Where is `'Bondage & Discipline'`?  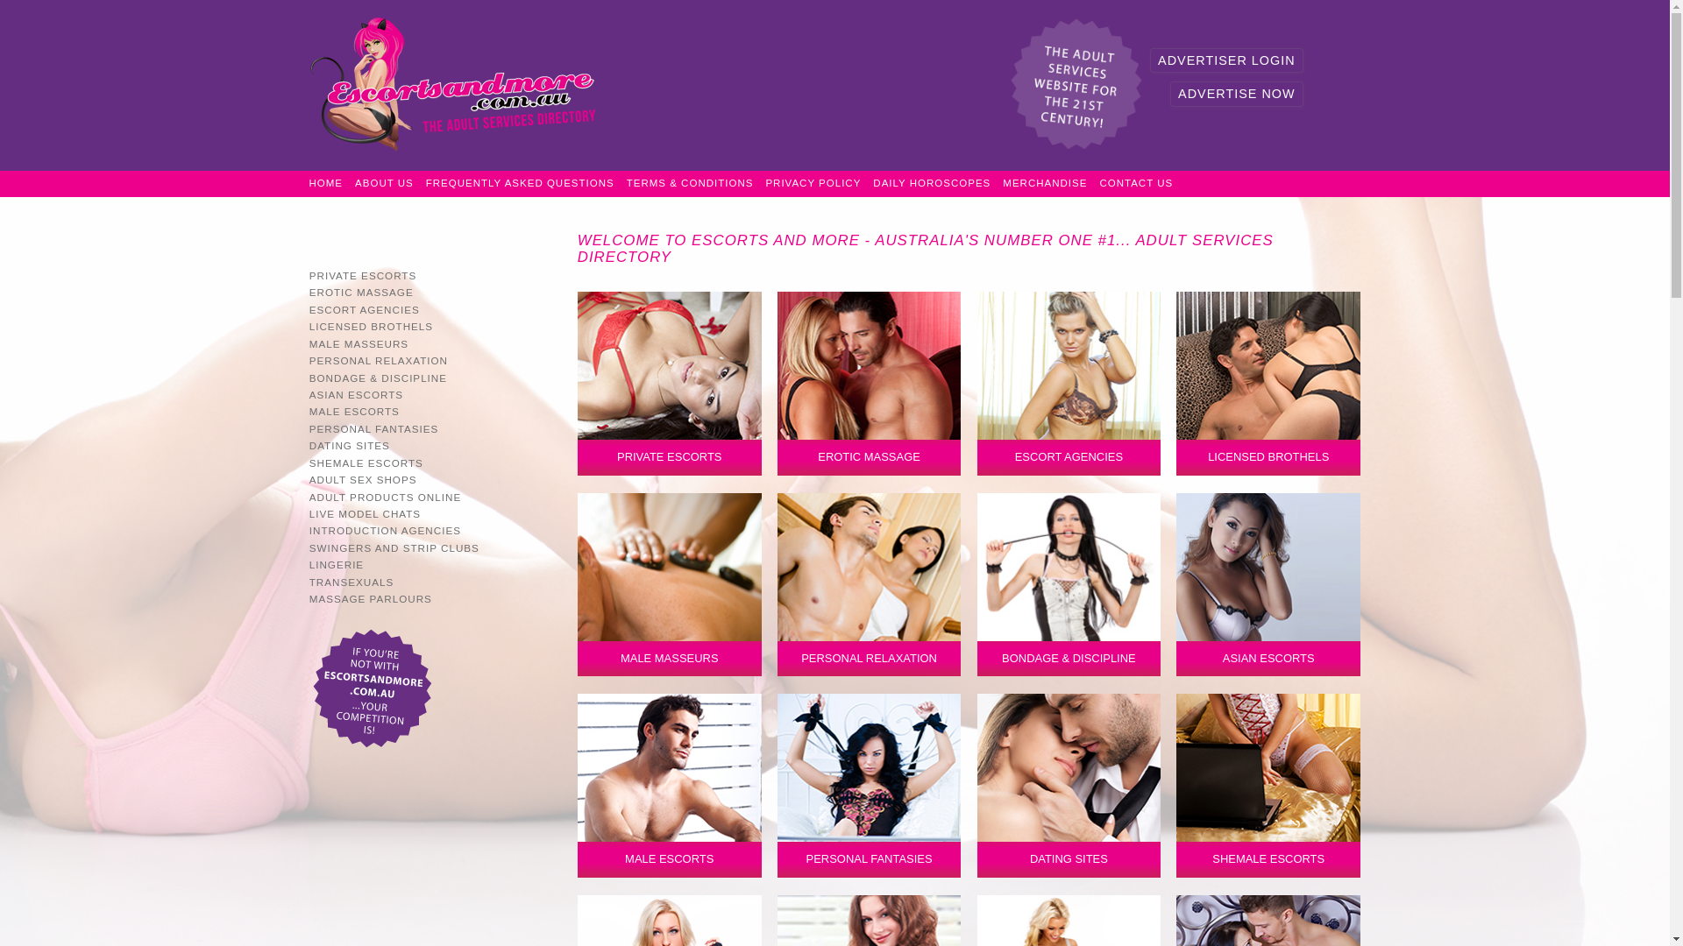 'Bondage & Discipline' is located at coordinates (1068, 584).